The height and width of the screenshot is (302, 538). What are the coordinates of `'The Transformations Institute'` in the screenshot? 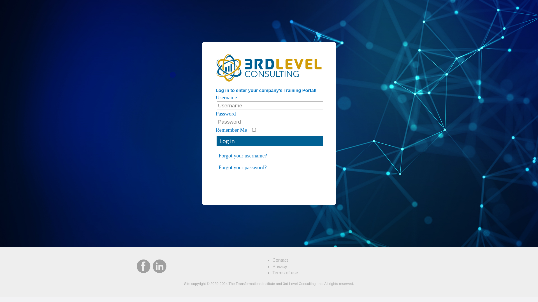 It's located at (229, 284).